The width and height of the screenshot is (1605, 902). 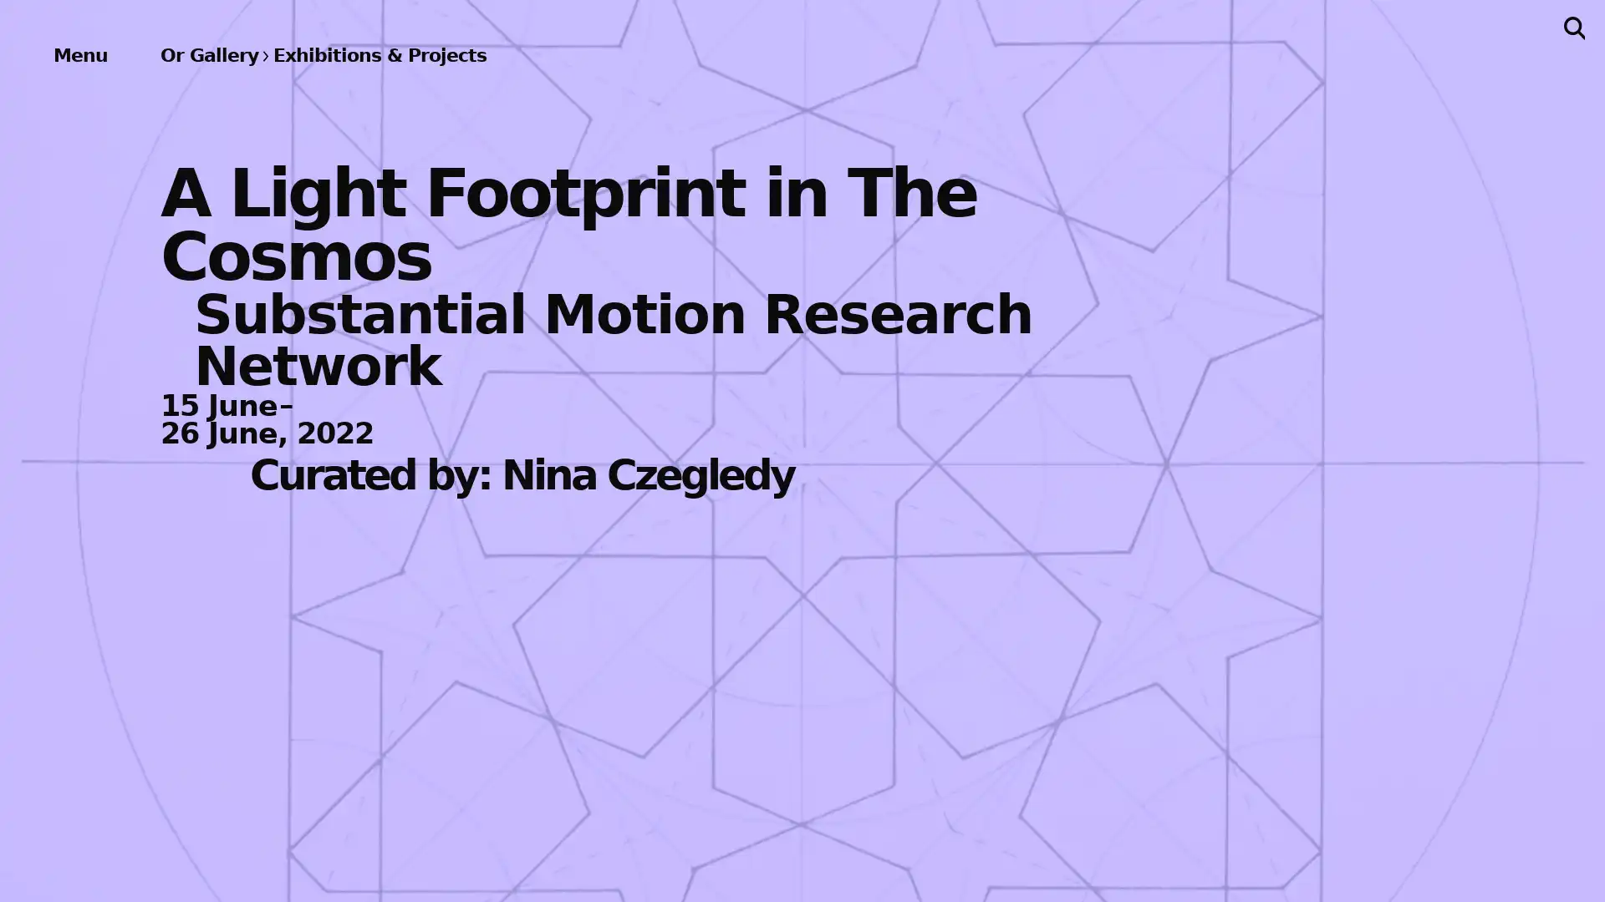 I want to click on Events, so click(x=363, y=266).